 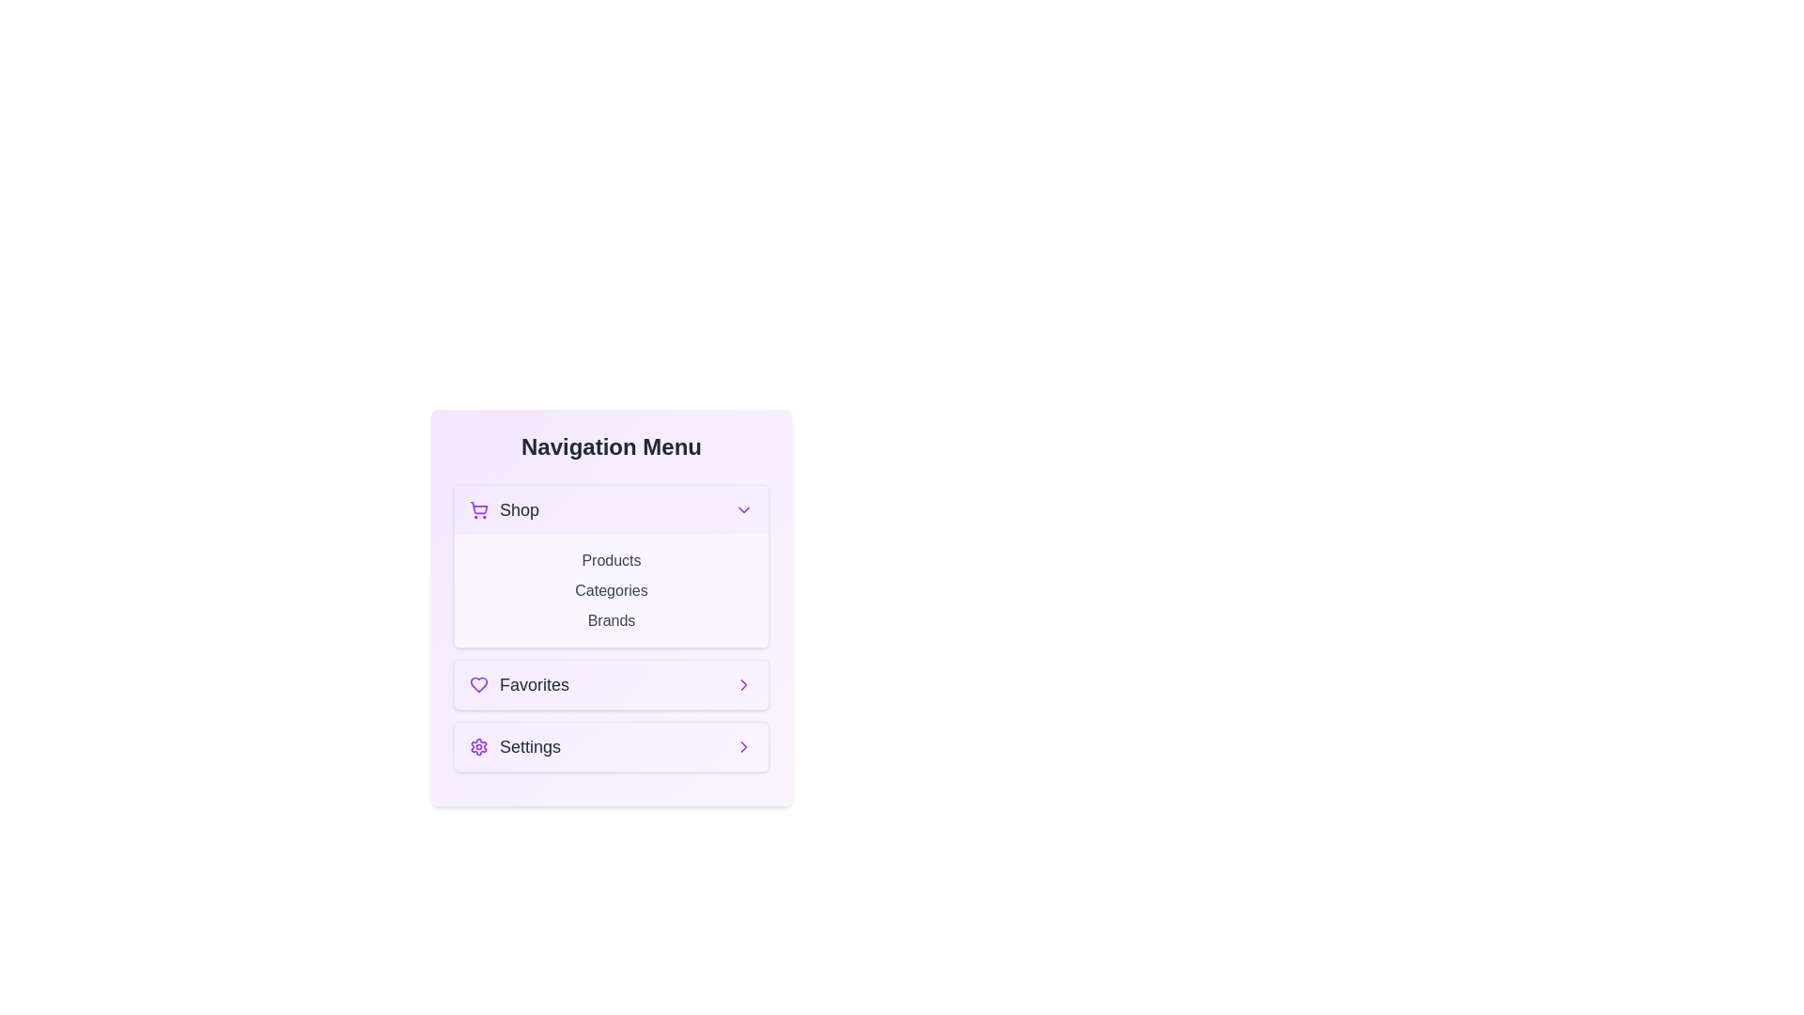 I want to click on the 'Settings' button, which is the last item in the navigation options, so click(x=612, y=745).